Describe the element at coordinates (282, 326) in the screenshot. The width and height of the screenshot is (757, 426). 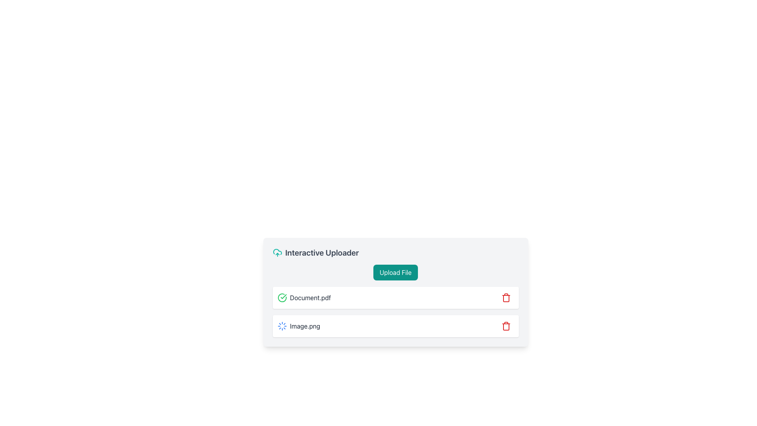
I see `the animation of the Loader Icon, a small blue circular spinner located to the left of the file 'Image.png'` at that location.